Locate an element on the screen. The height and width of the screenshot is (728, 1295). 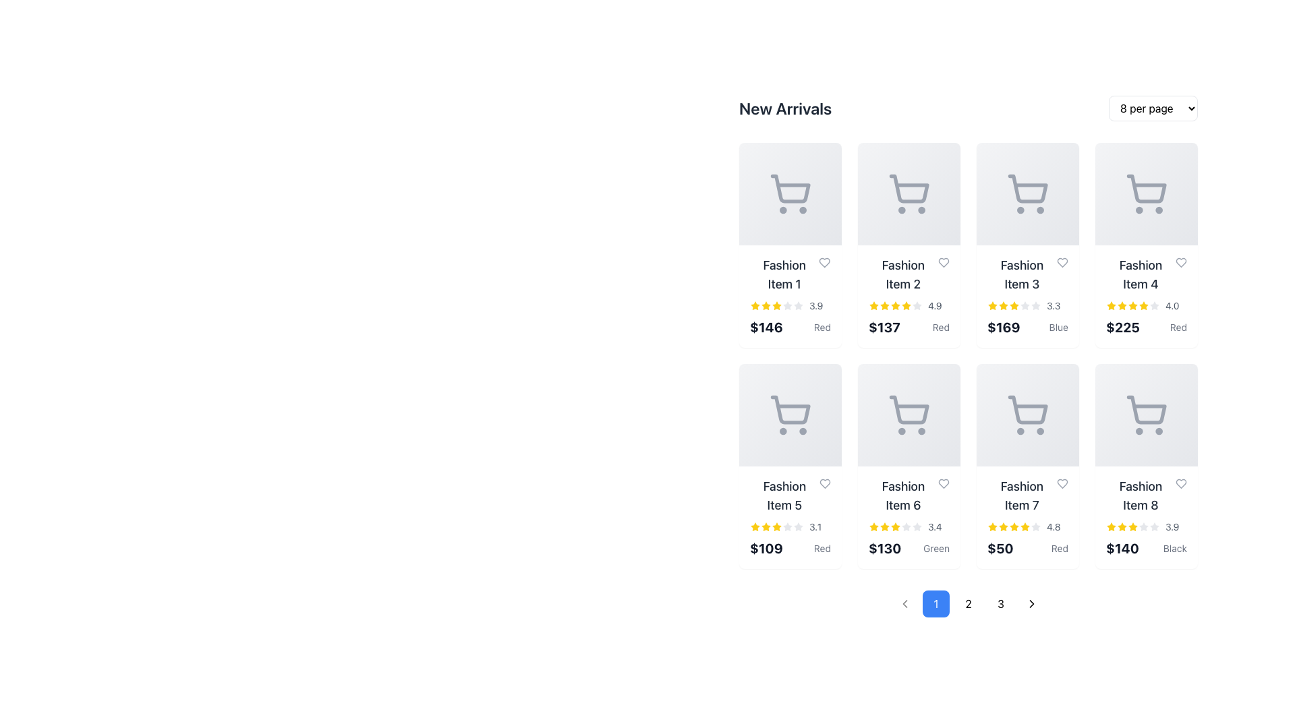
the circular pagination button labeled '2' for keyboard navigation, located beneath the product grid is located at coordinates (967, 603).